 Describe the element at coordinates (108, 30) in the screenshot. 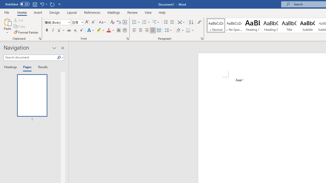

I see `'Font Color Red'` at that location.